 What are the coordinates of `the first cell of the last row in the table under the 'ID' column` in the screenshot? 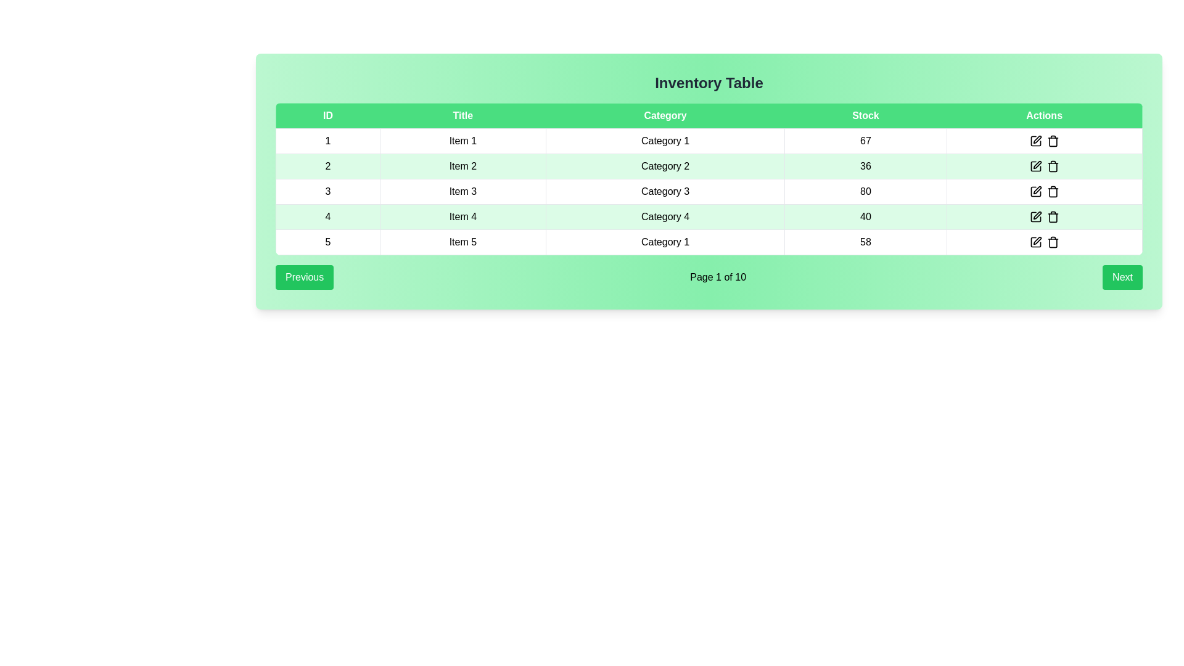 It's located at (327, 242).